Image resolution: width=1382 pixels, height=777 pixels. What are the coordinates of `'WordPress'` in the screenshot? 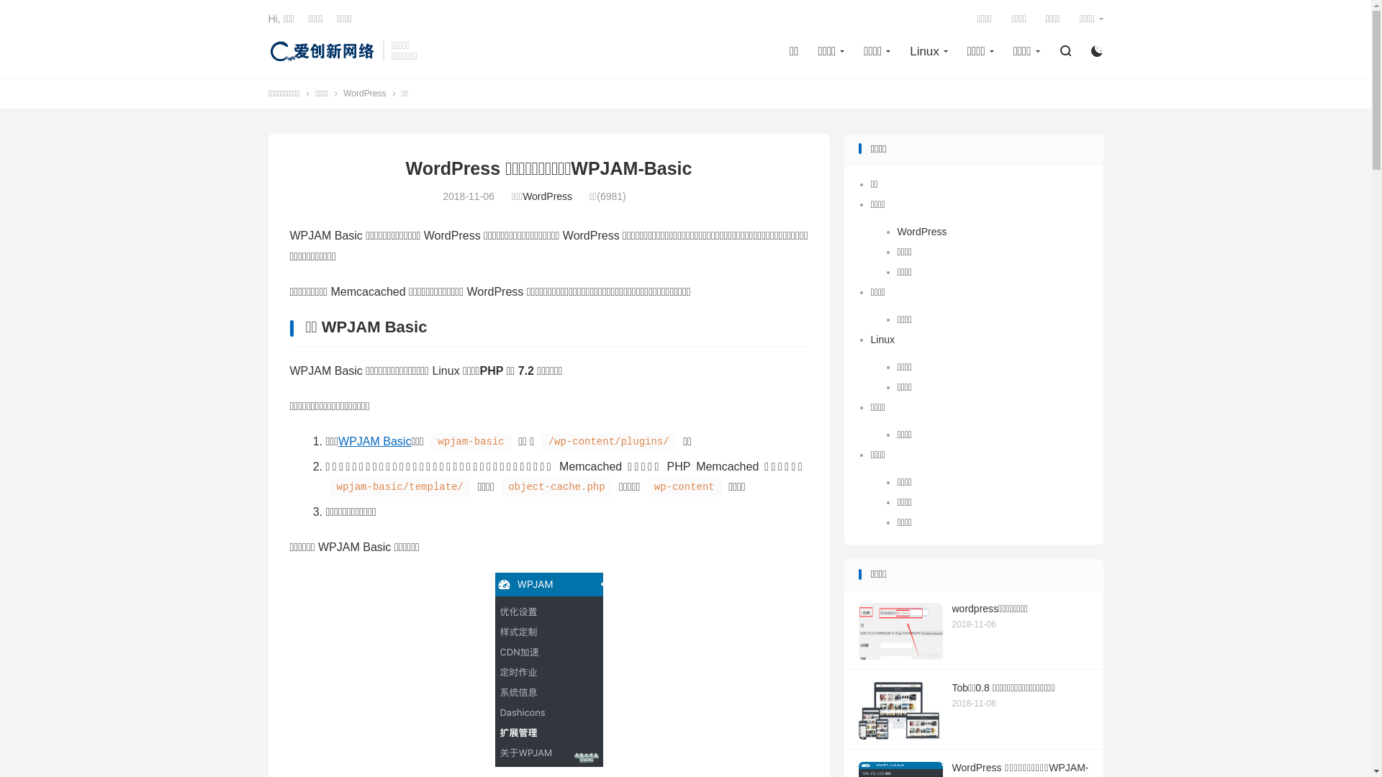 It's located at (921, 230).